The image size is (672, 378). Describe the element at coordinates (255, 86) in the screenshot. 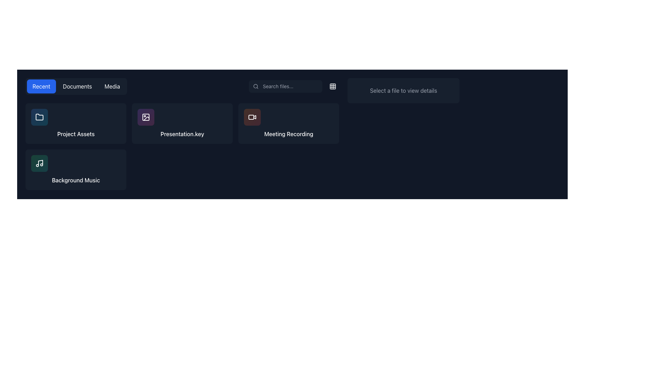

I see `the search icon located within the search input field on the left side, indicating search functionality` at that location.